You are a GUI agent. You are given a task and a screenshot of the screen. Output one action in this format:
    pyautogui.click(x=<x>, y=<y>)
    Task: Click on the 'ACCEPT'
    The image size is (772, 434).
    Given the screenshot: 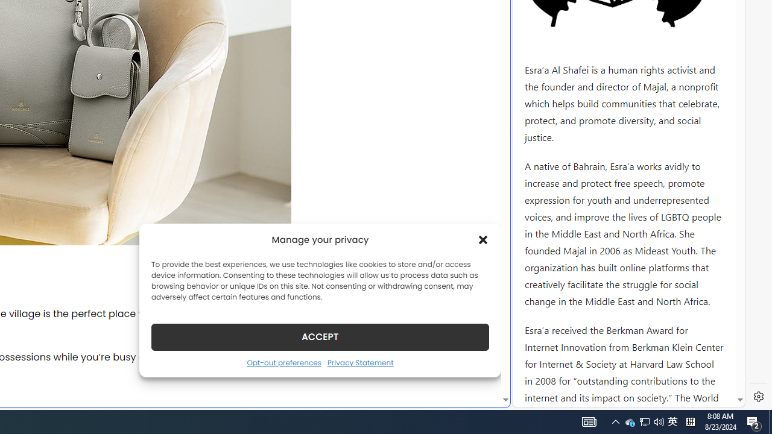 What is the action you would take?
    pyautogui.click(x=320, y=336)
    